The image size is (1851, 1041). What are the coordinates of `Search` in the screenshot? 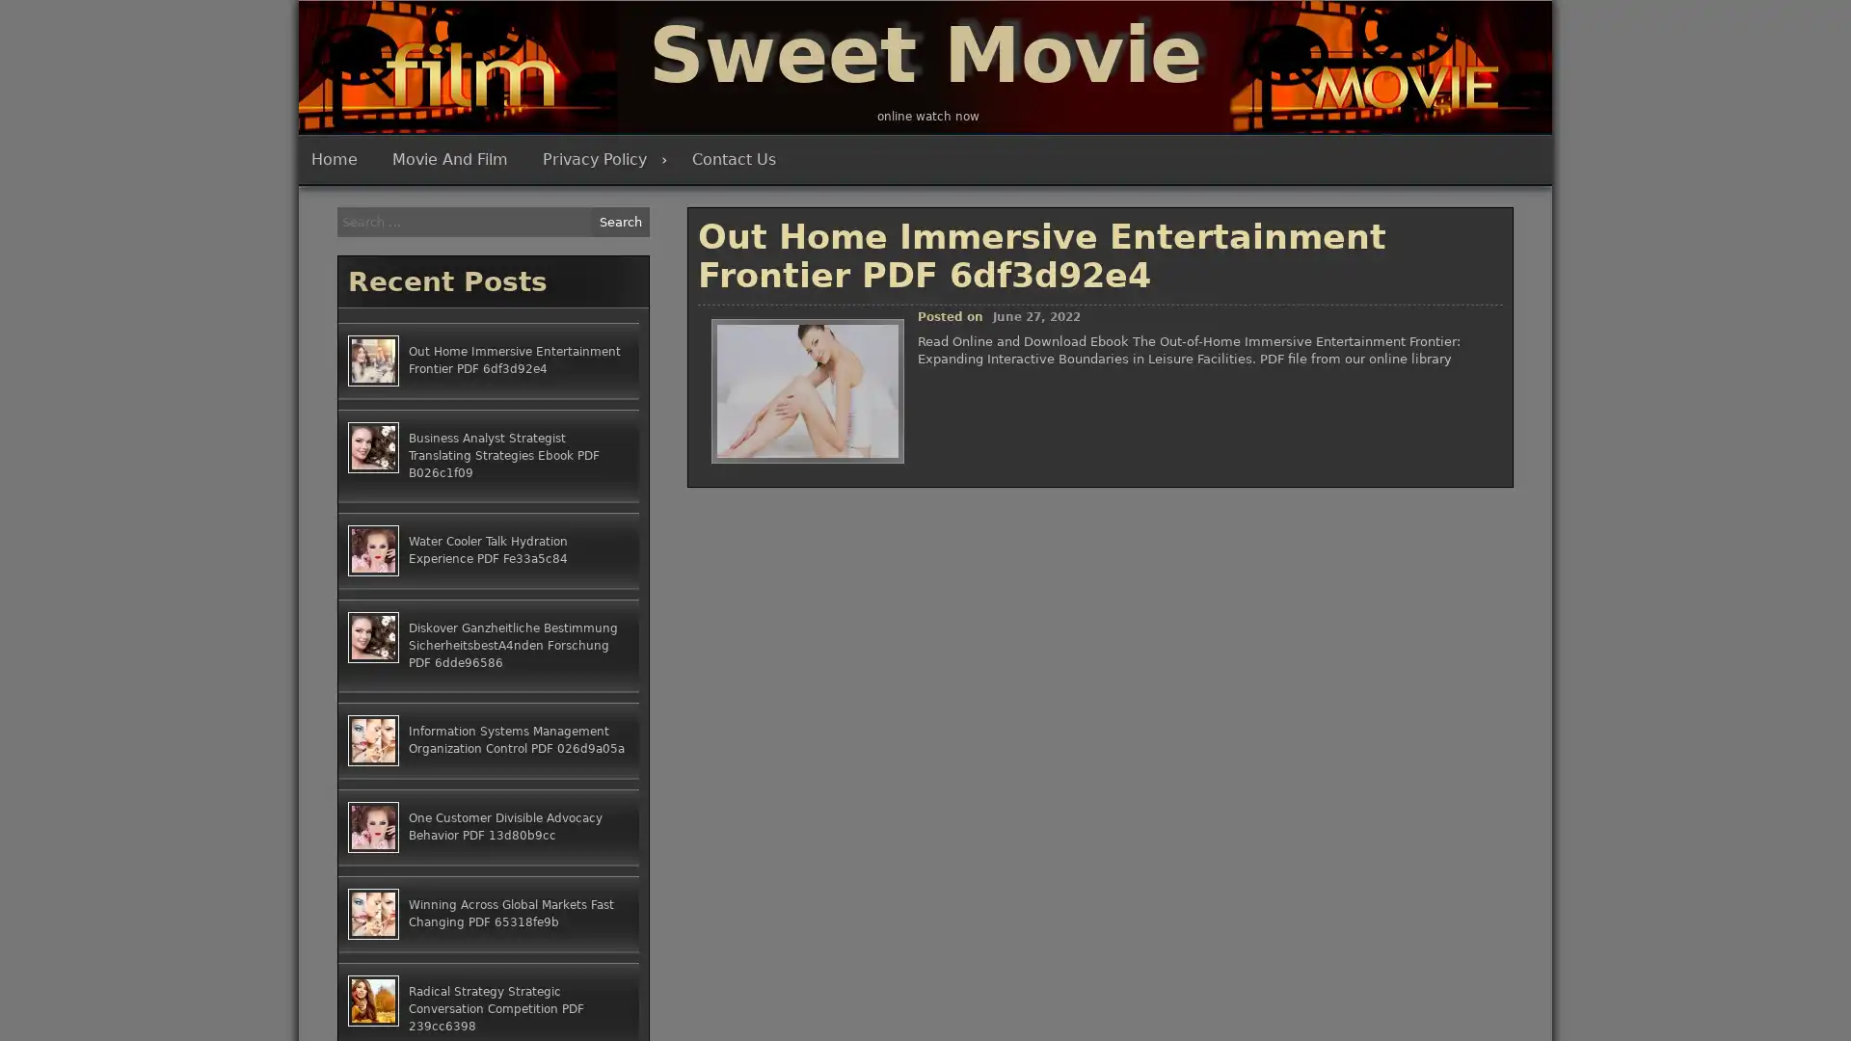 It's located at (620, 221).